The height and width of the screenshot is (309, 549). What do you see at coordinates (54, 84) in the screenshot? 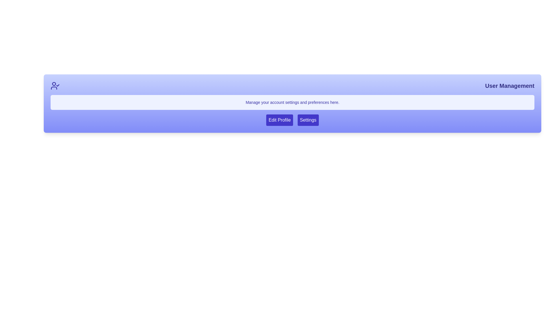
I see `vector-based circle representing the user's head in the user profile icon, located in the upper-left corner of the icon's enclosing box` at bounding box center [54, 84].